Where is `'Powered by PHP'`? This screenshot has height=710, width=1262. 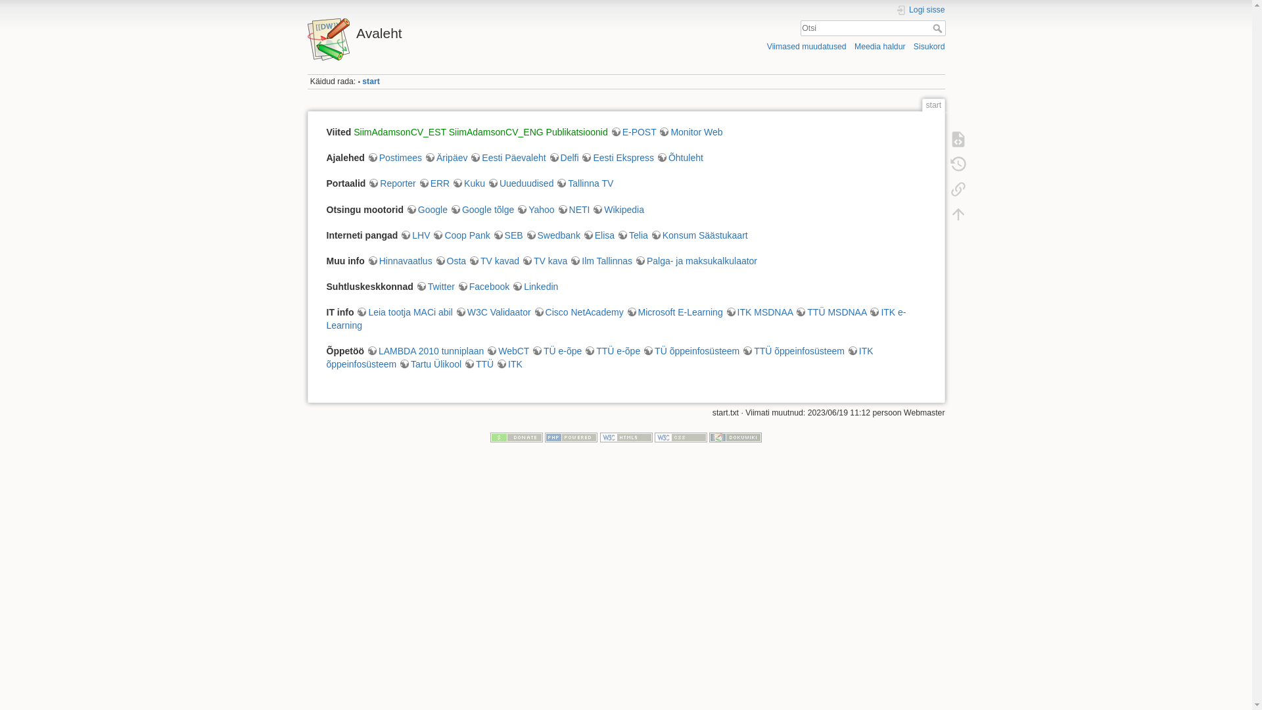 'Powered by PHP' is located at coordinates (571, 437).